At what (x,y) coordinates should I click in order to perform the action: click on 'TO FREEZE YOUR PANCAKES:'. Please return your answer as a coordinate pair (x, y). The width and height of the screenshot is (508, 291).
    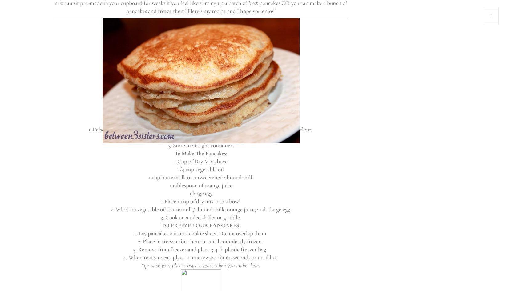
    Looking at the image, I should click on (200, 225).